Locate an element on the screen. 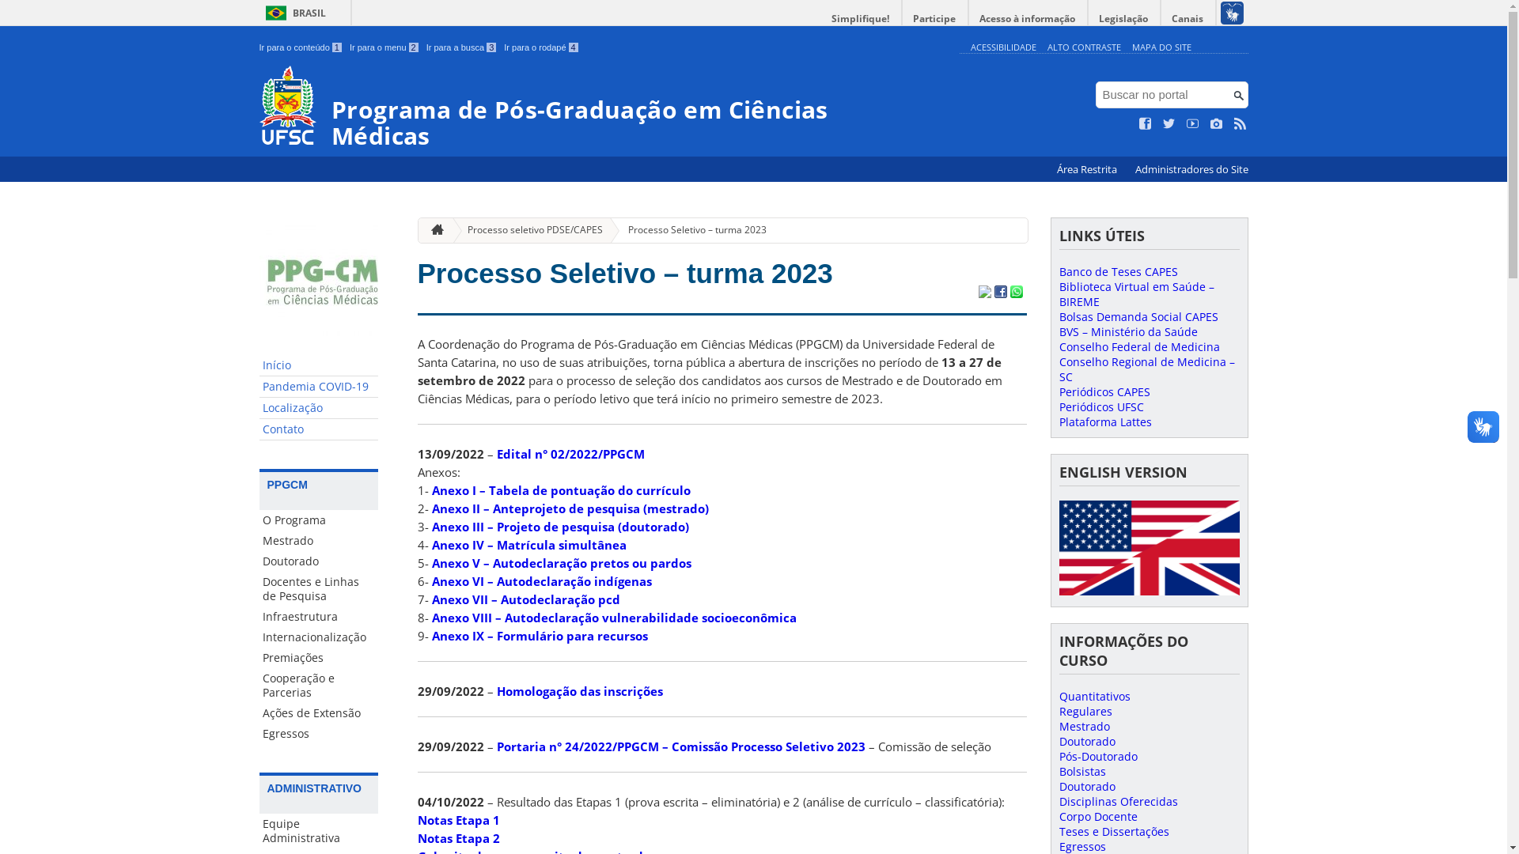  'Compartilhar no Twitter' is located at coordinates (983, 293).